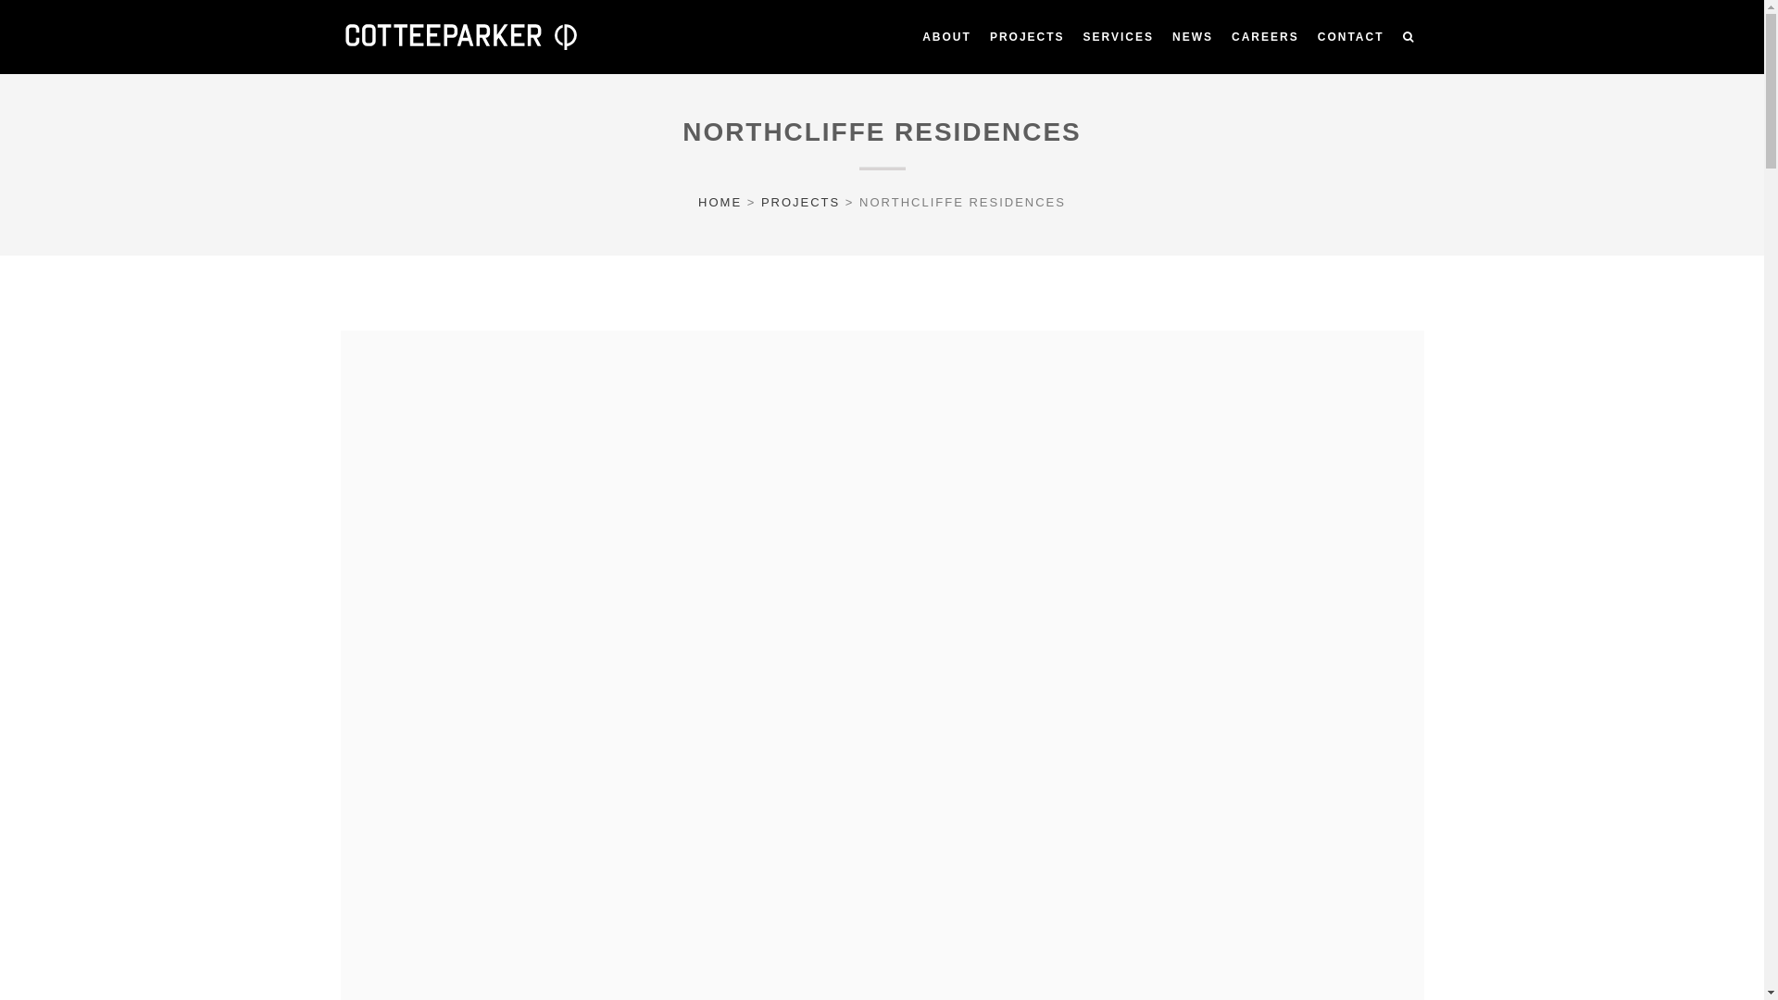  What do you see at coordinates (800, 202) in the screenshot?
I see `'PROJECTS'` at bounding box center [800, 202].